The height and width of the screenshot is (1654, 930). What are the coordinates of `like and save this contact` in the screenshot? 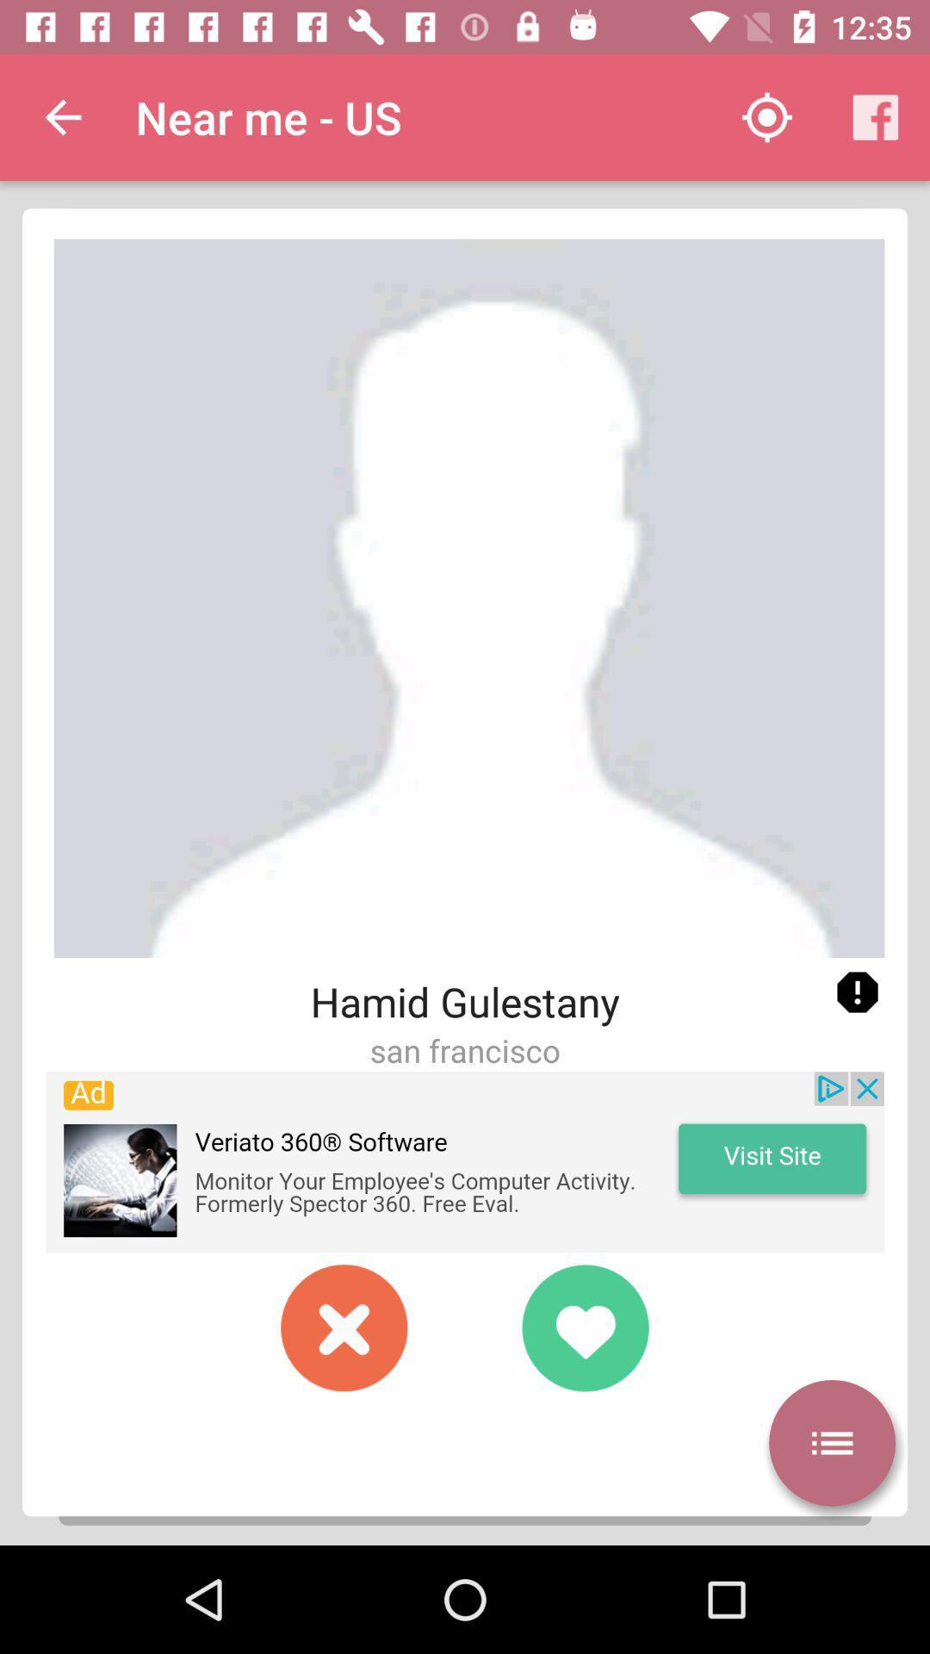 It's located at (584, 1327).